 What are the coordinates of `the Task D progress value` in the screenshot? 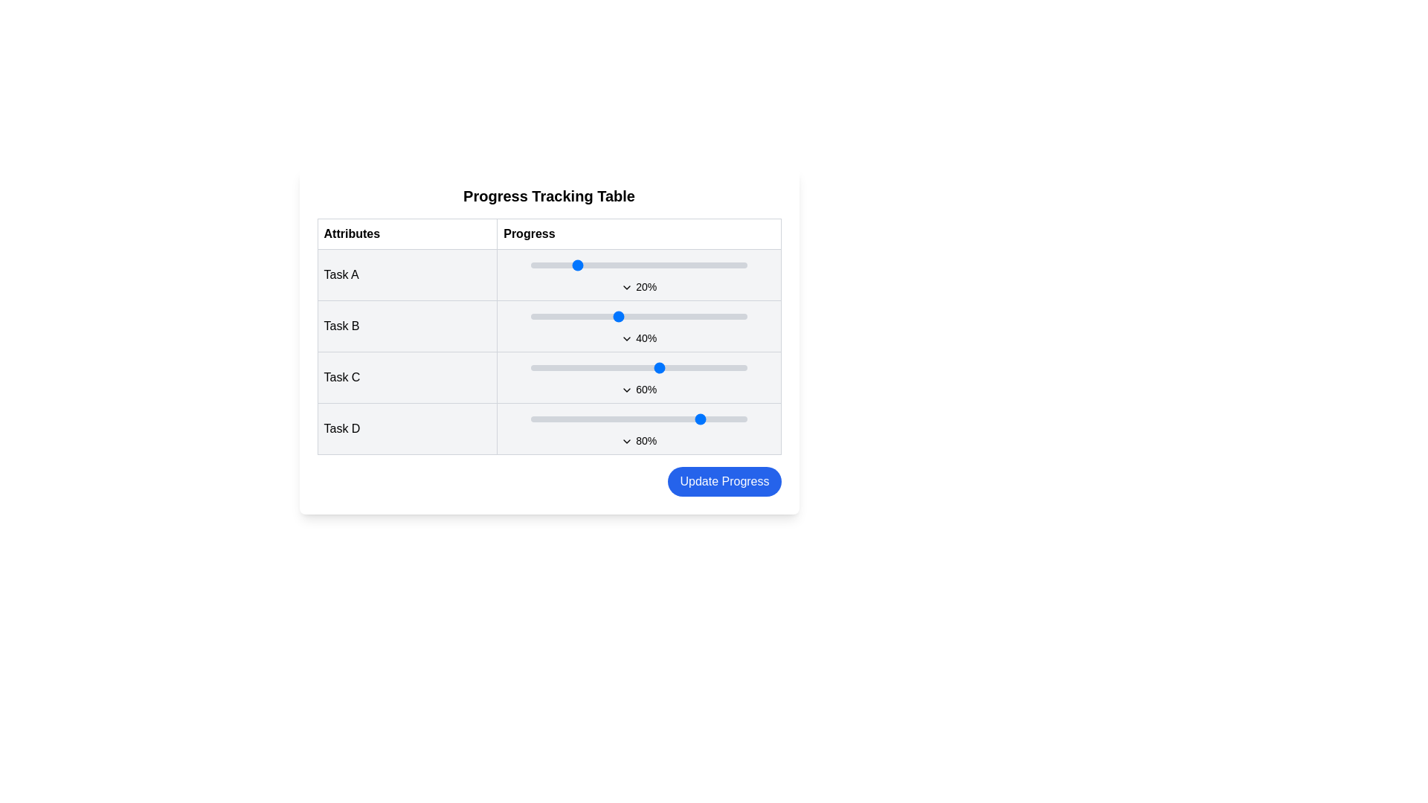 It's located at (597, 419).